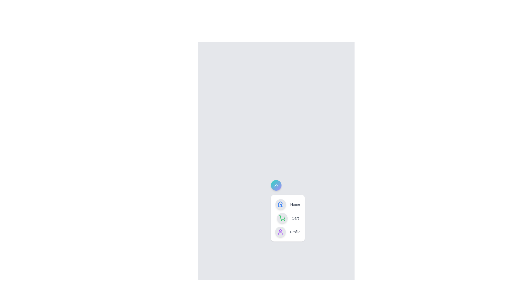  Describe the element at coordinates (287, 218) in the screenshot. I see `the menu item Cart by clicking on it` at that location.